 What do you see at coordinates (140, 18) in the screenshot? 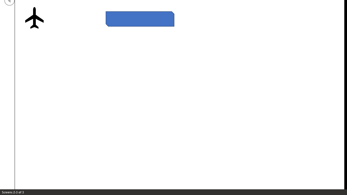
I see `'Rectangle: Diagonal Corners Snipped 2'` at bounding box center [140, 18].